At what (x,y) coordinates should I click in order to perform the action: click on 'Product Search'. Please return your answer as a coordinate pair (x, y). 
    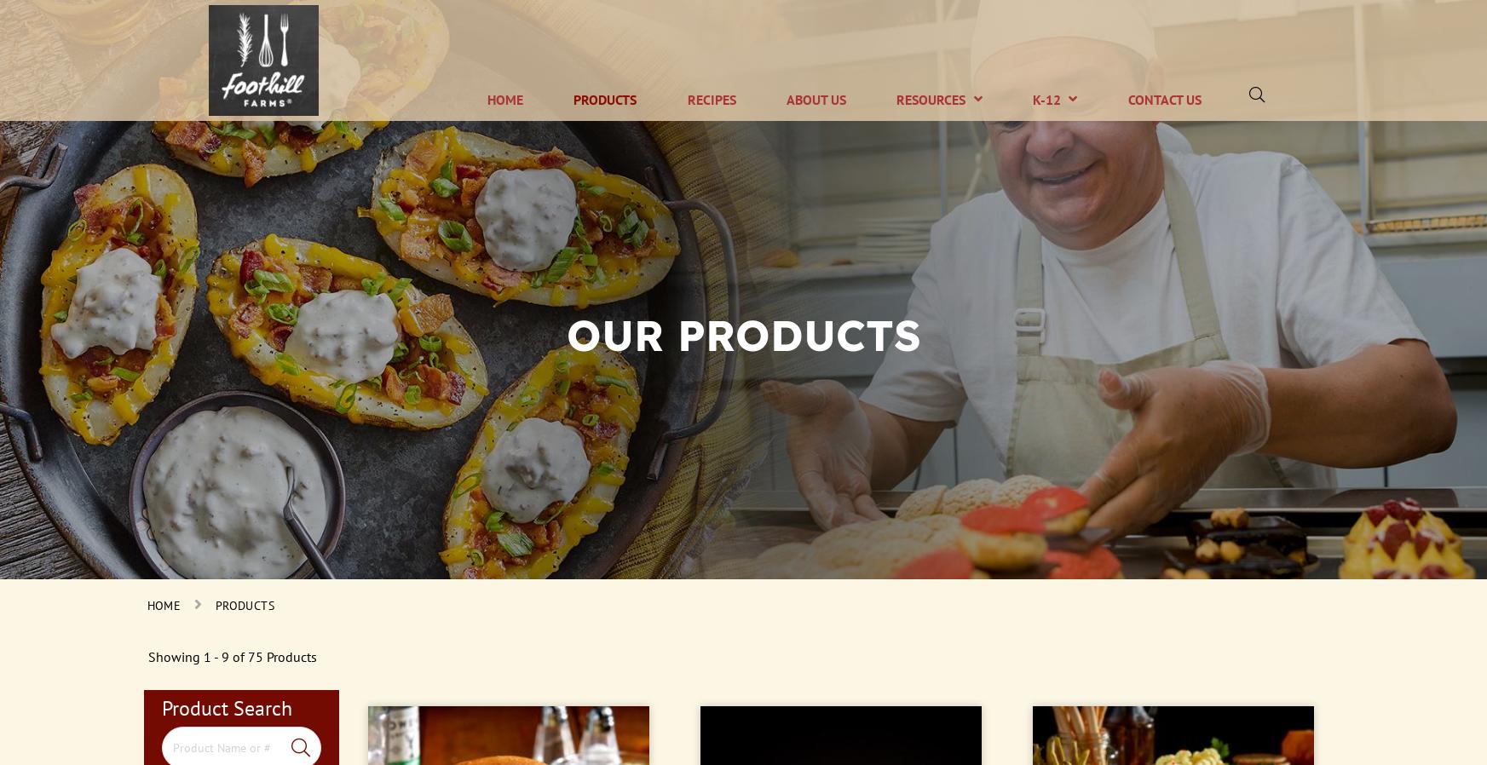
    Looking at the image, I should click on (225, 707).